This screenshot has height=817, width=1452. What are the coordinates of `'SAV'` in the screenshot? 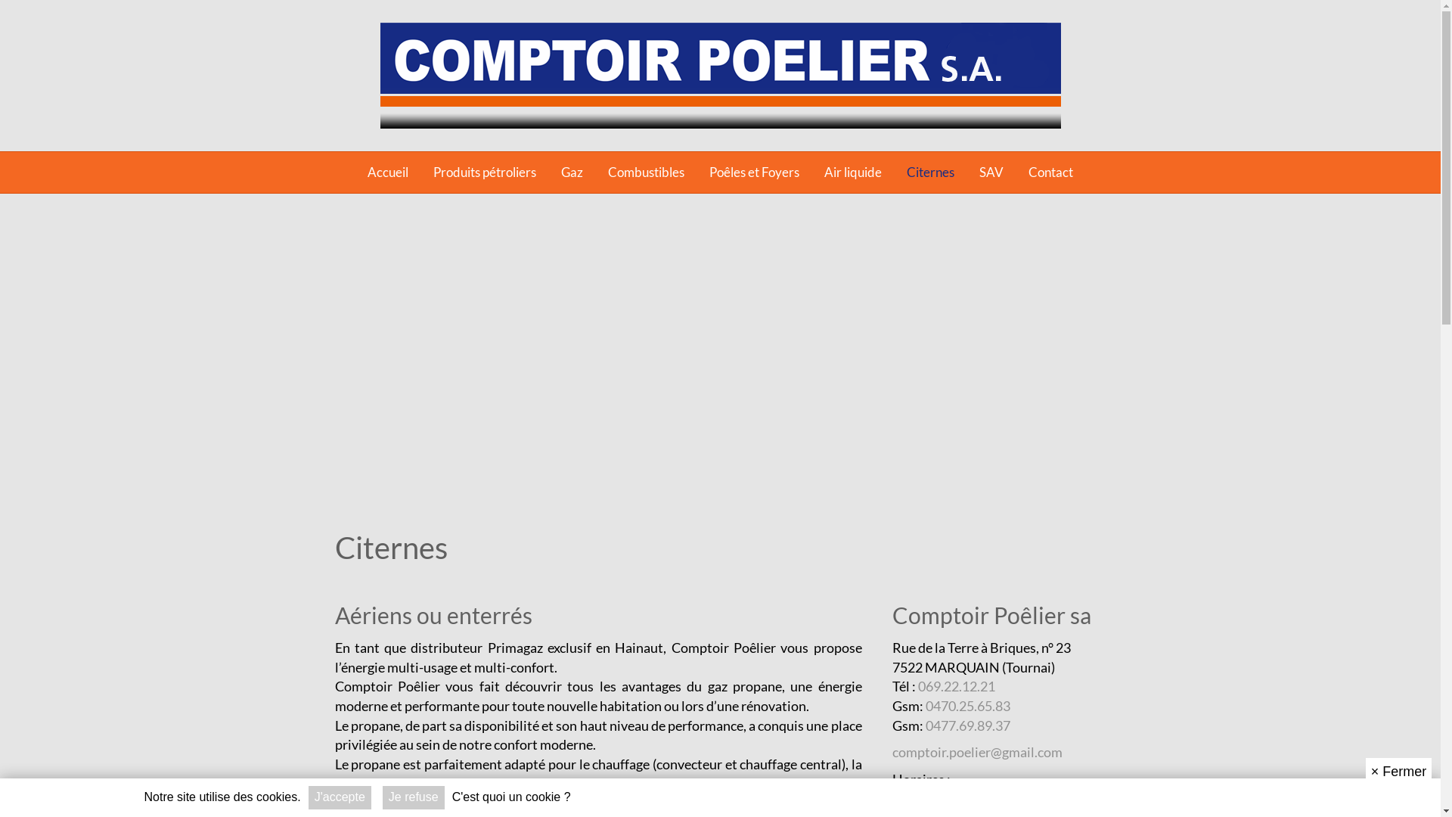 It's located at (991, 171).